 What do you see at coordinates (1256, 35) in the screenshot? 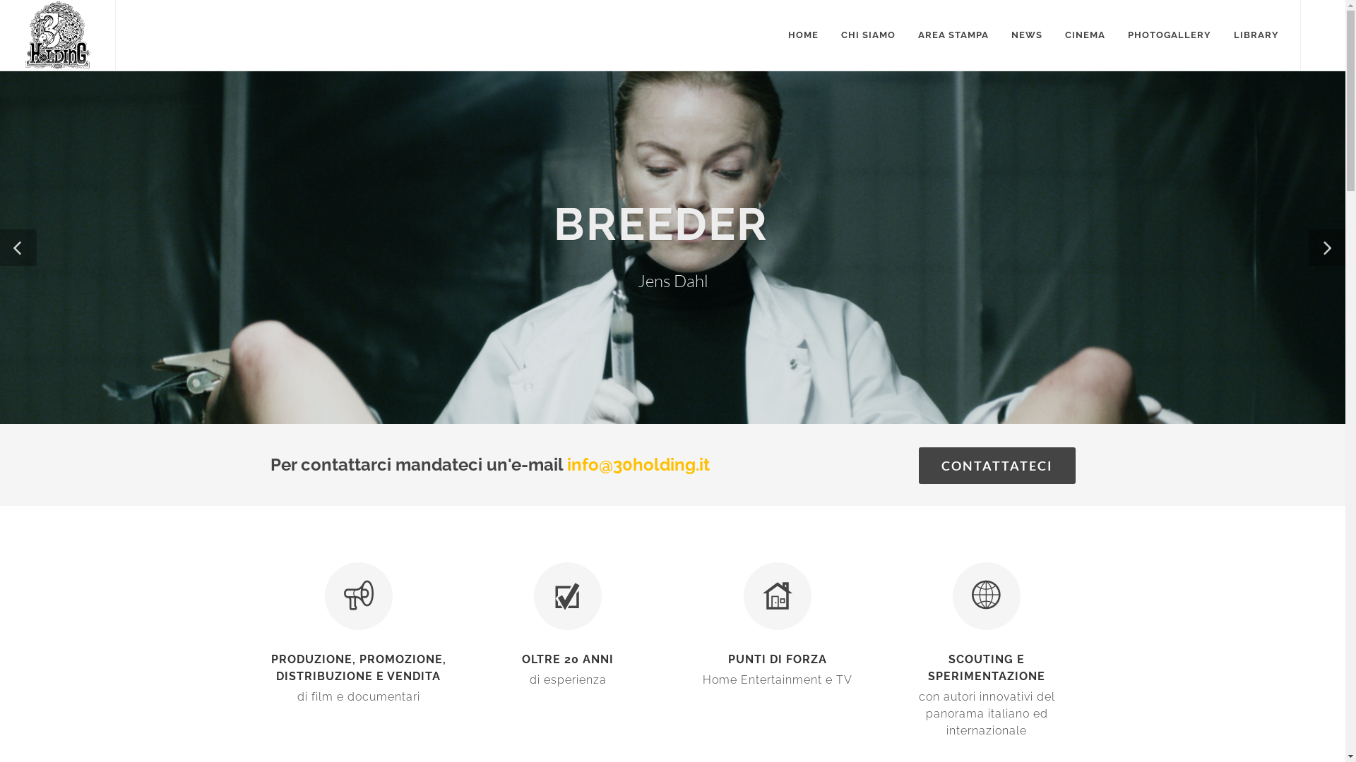
I see `'LIBRARY'` at bounding box center [1256, 35].